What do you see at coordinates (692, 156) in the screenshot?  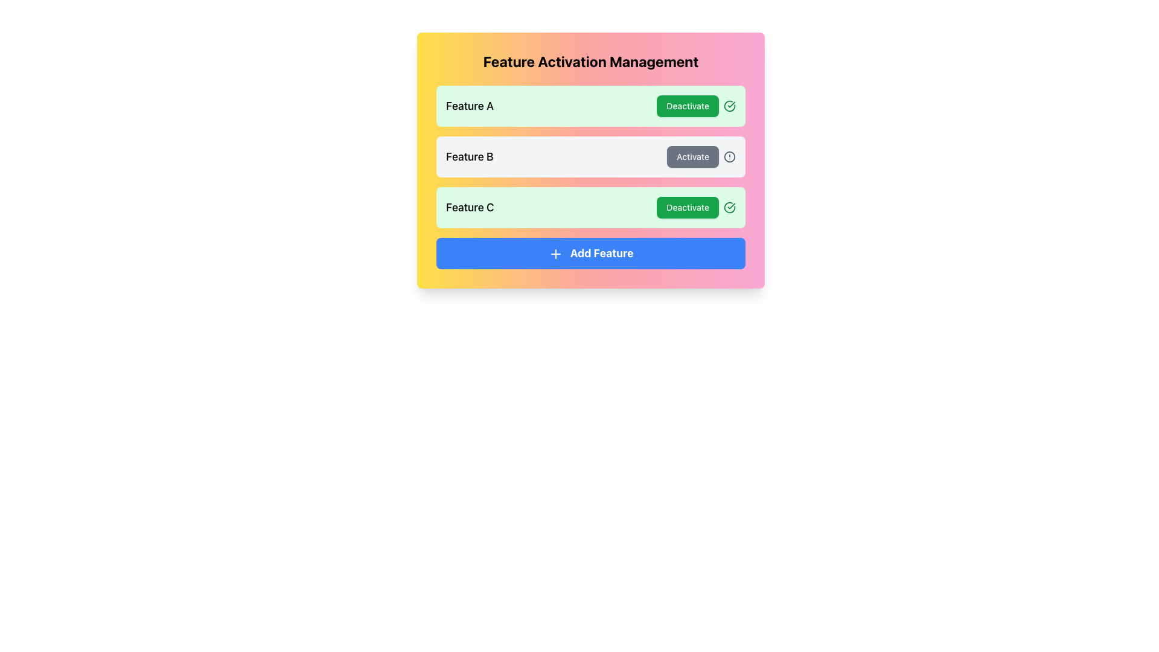 I see `the button to activate 'Feature B' which changes its background color` at bounding box center [692, 156].